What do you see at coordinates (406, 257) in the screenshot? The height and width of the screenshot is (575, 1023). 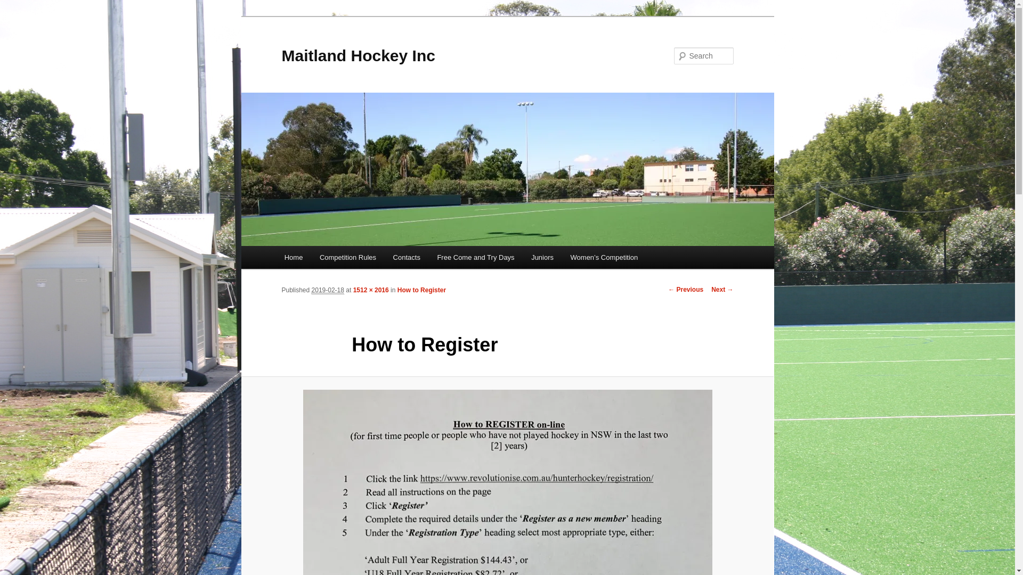 I see `'Contacts'` at bounding box center [406, 257].